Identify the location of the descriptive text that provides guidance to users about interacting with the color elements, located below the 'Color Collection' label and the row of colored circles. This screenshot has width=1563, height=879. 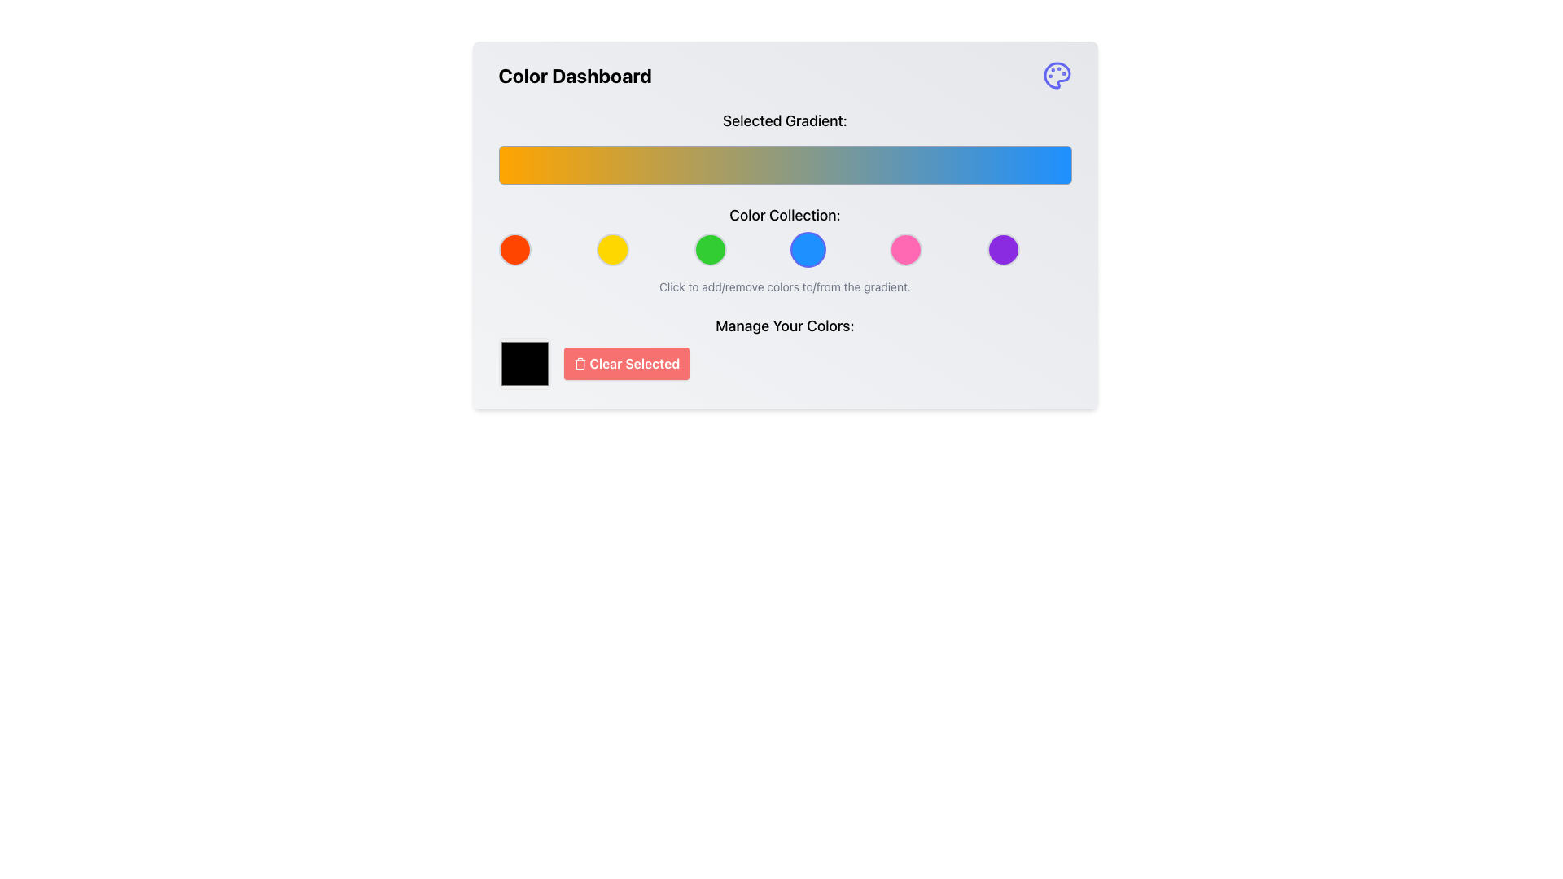
(785, 286).